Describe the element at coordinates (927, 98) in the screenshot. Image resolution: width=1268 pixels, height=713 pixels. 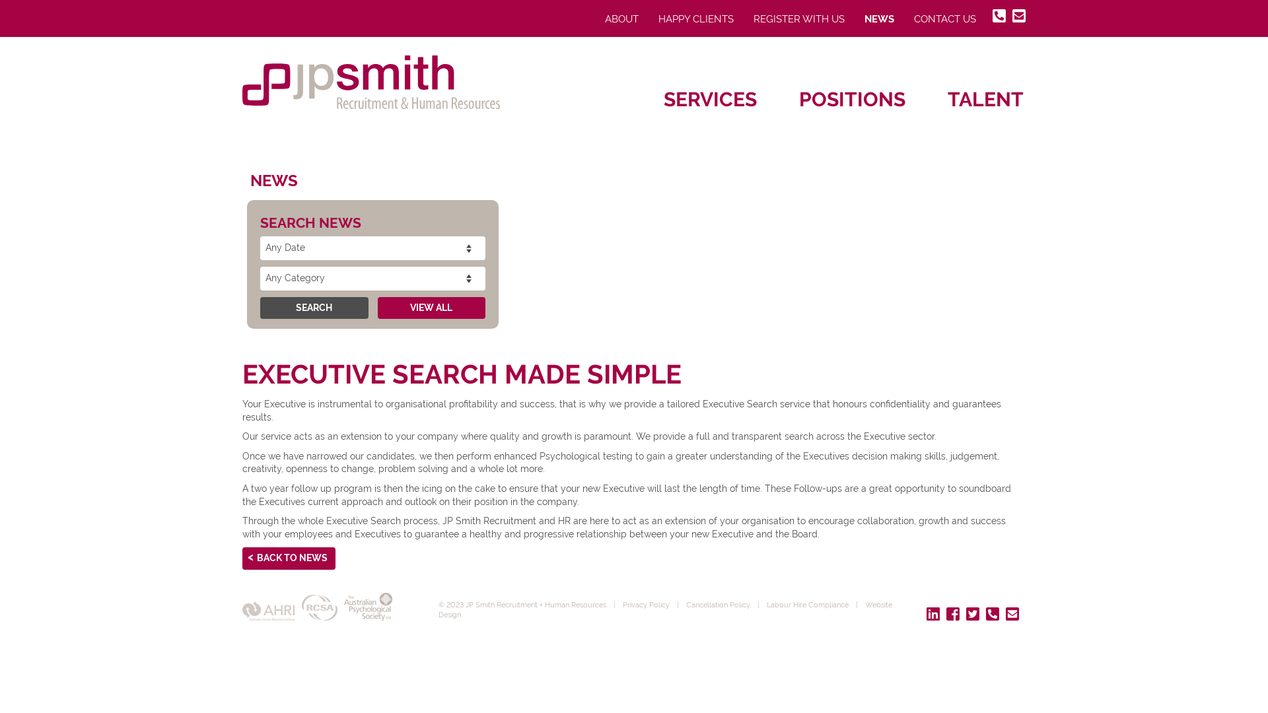
I see `'TALENT'` at that location.